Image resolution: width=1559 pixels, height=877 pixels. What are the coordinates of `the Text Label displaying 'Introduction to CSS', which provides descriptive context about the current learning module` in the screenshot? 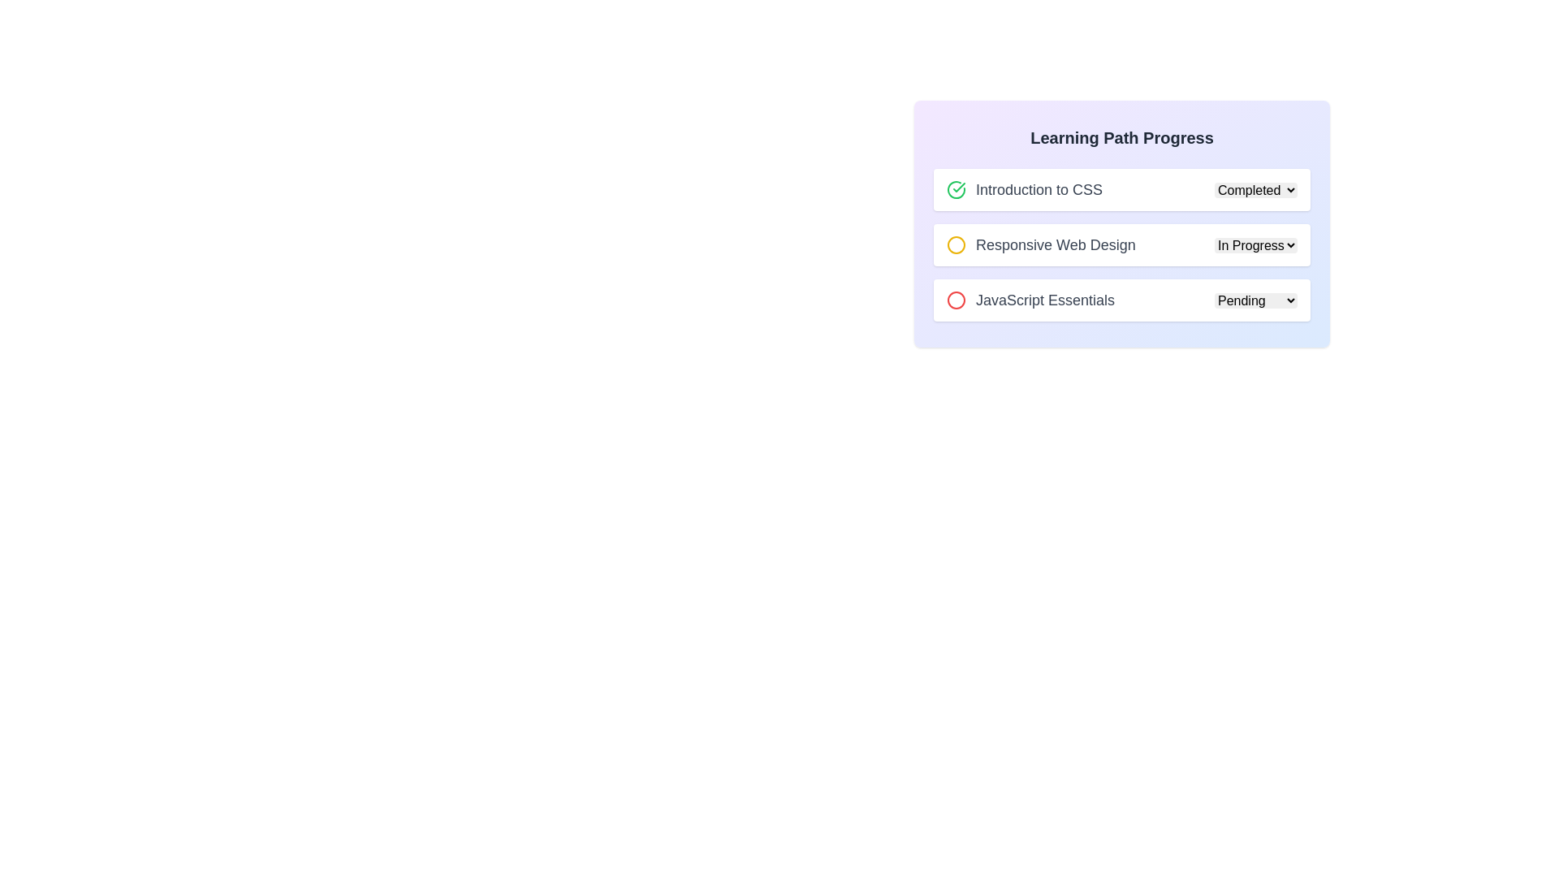 It's located at (1039, 189).